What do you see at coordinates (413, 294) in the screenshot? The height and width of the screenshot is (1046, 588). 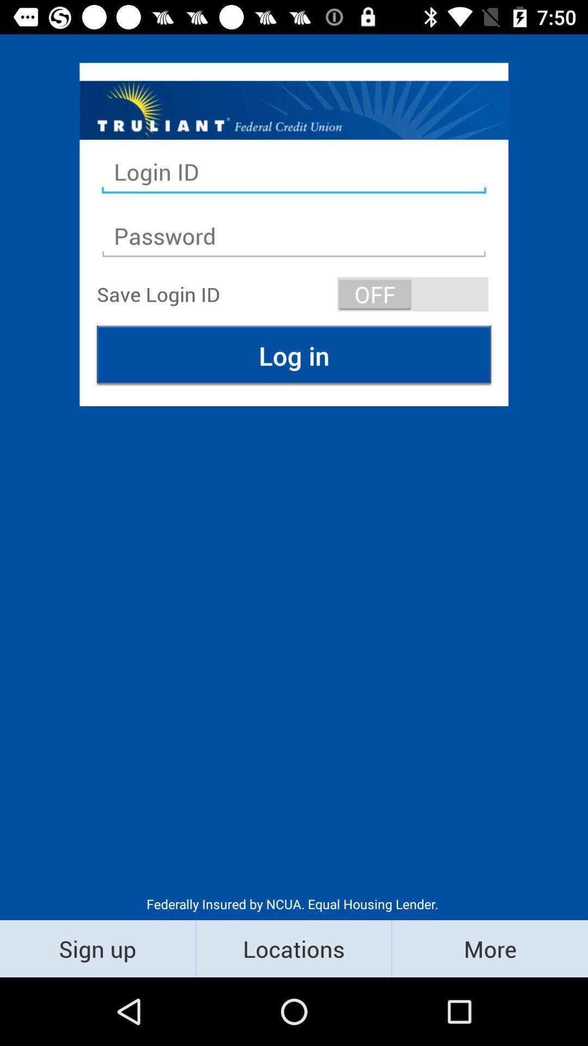 I see `the icon to the right of the save login id icon` at bounding box center [413, 294].